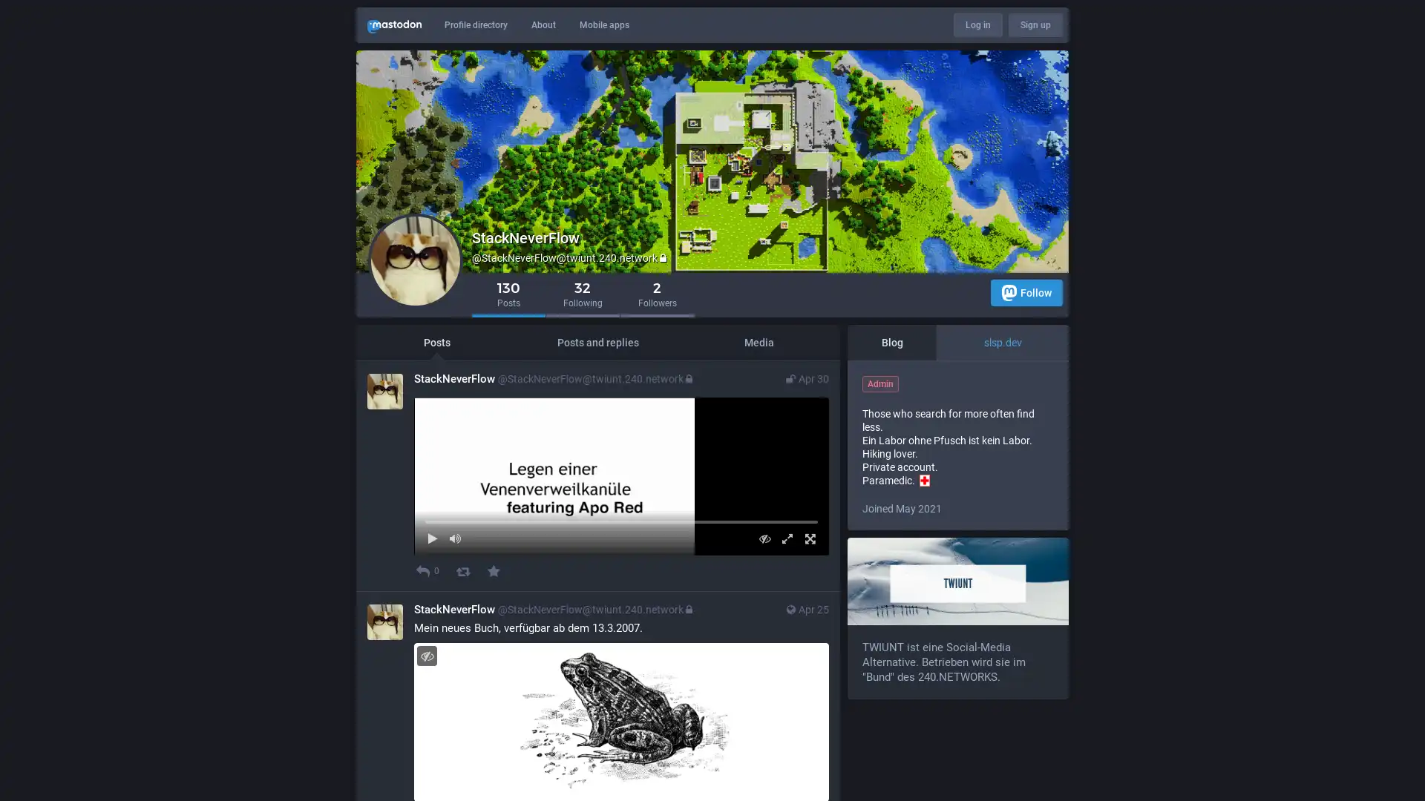 The height and width of the screenshot is (801, 1425). Describe the element at coordinates (764, 613) in the screenshot. I see `Hide video` at that location.